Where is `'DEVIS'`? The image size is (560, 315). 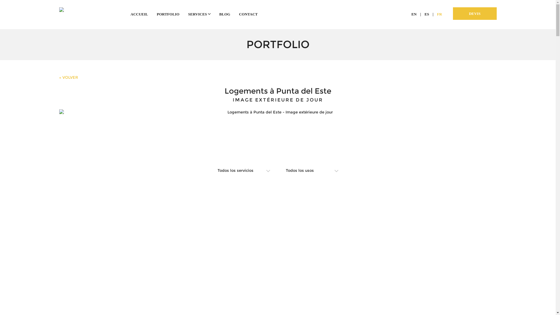
'DEVIS' is located at coordinates (475, 13).